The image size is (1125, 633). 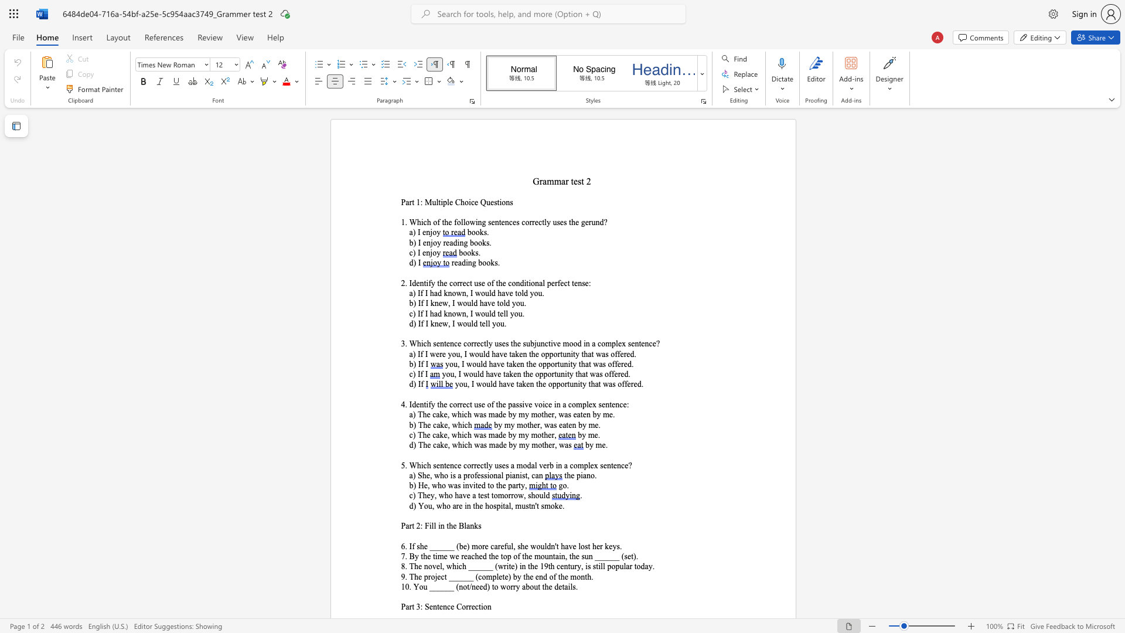 I want to click on the subset text "ve mood in a complex sentence?" within the text "3. Which sentence correctly uses the subjunctive mood in a complex sentence?", so click(x=552, y=343).